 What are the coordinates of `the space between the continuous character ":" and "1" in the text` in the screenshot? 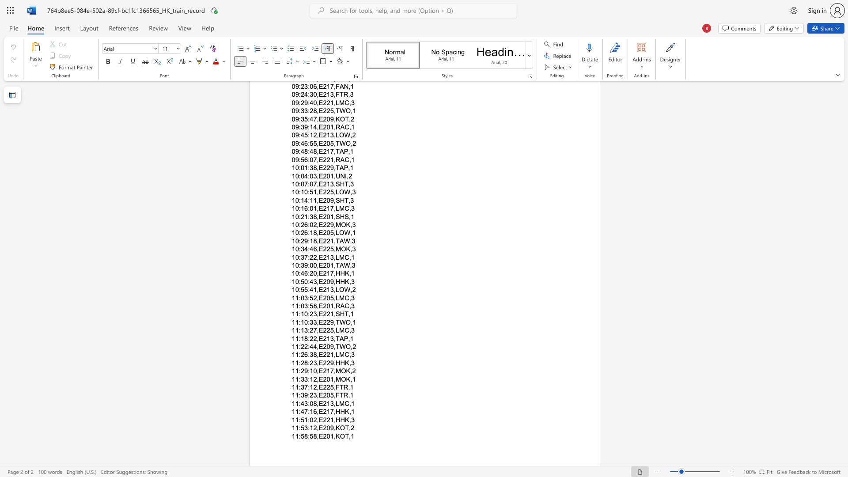 It's located at (301, 322).